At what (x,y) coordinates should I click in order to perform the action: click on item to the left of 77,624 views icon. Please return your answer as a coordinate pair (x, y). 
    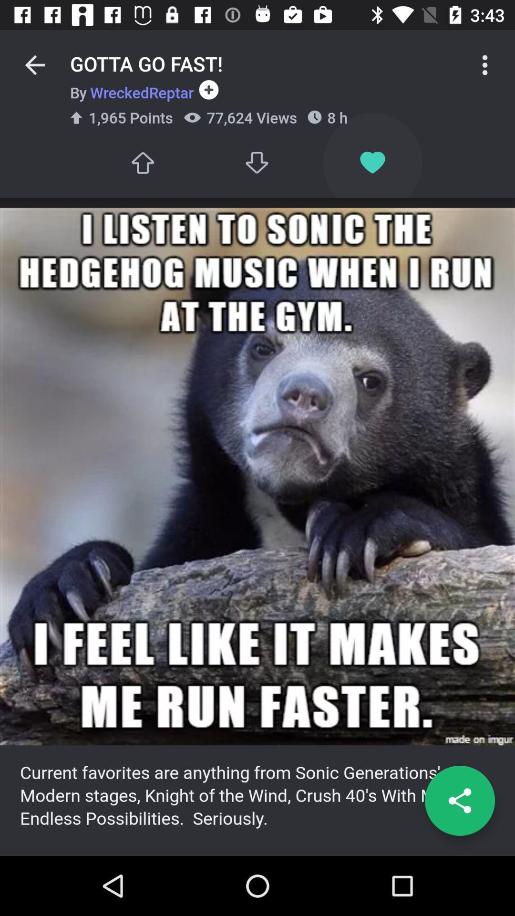
    Looking at the image, I should click on (142, 163).